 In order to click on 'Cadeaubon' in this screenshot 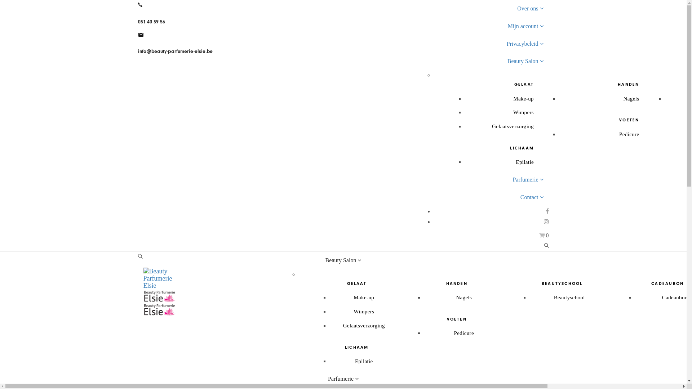, I will do `click(674, 297)`.